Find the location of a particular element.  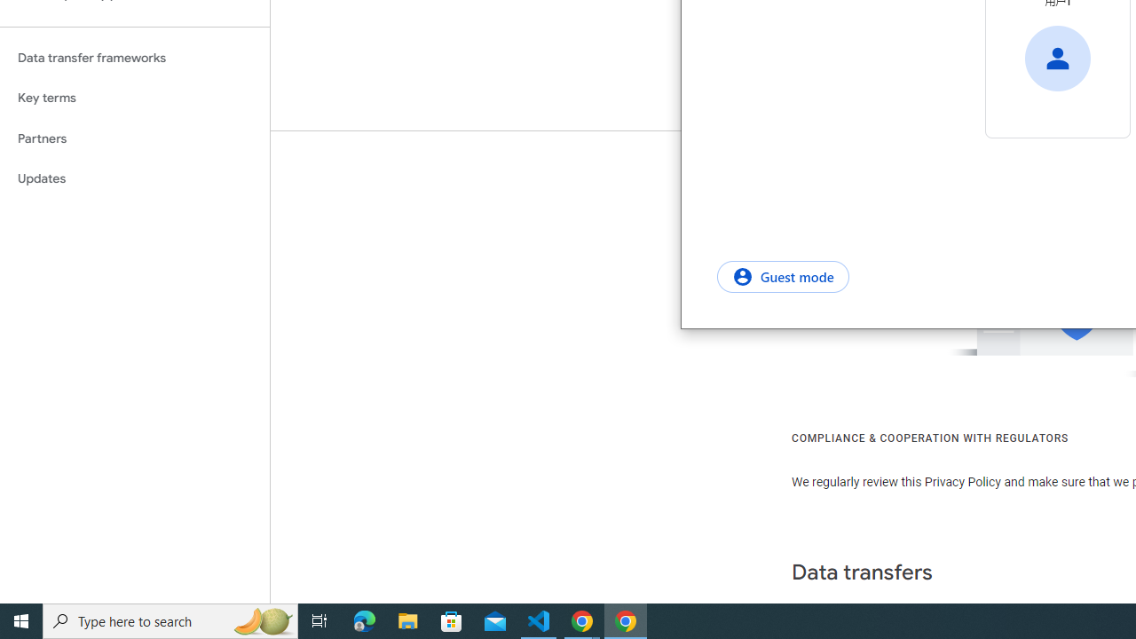

'Microsoft Store' is located at coordinates (452, 619).